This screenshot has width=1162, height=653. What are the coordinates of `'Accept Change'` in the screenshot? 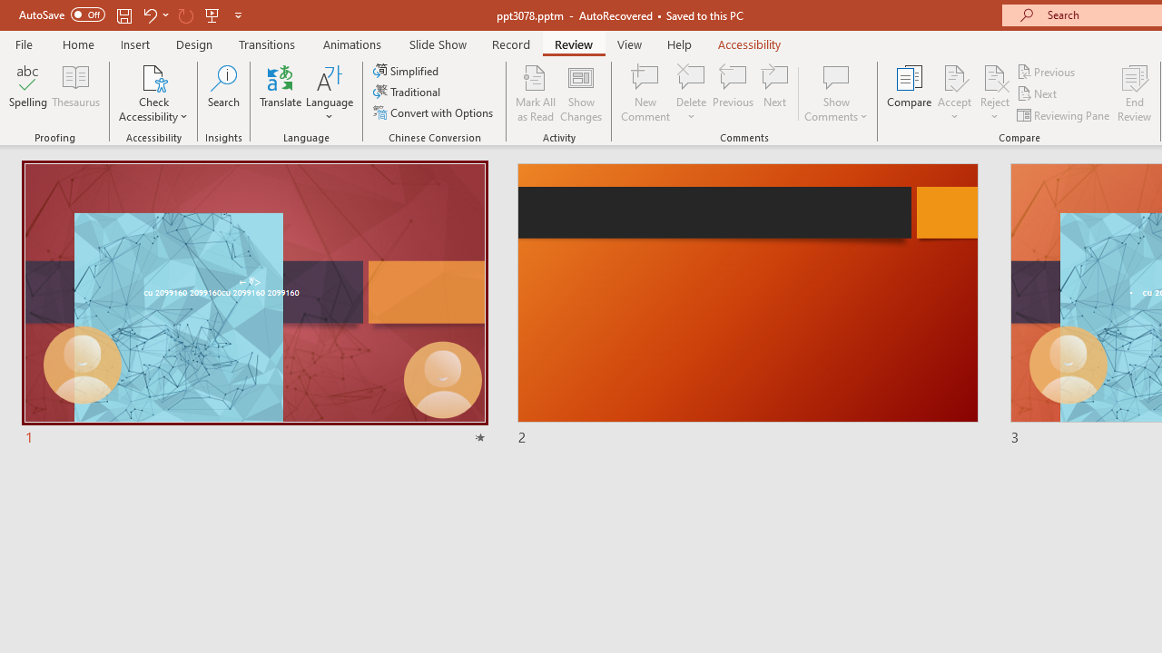 It's located at (953, 76).